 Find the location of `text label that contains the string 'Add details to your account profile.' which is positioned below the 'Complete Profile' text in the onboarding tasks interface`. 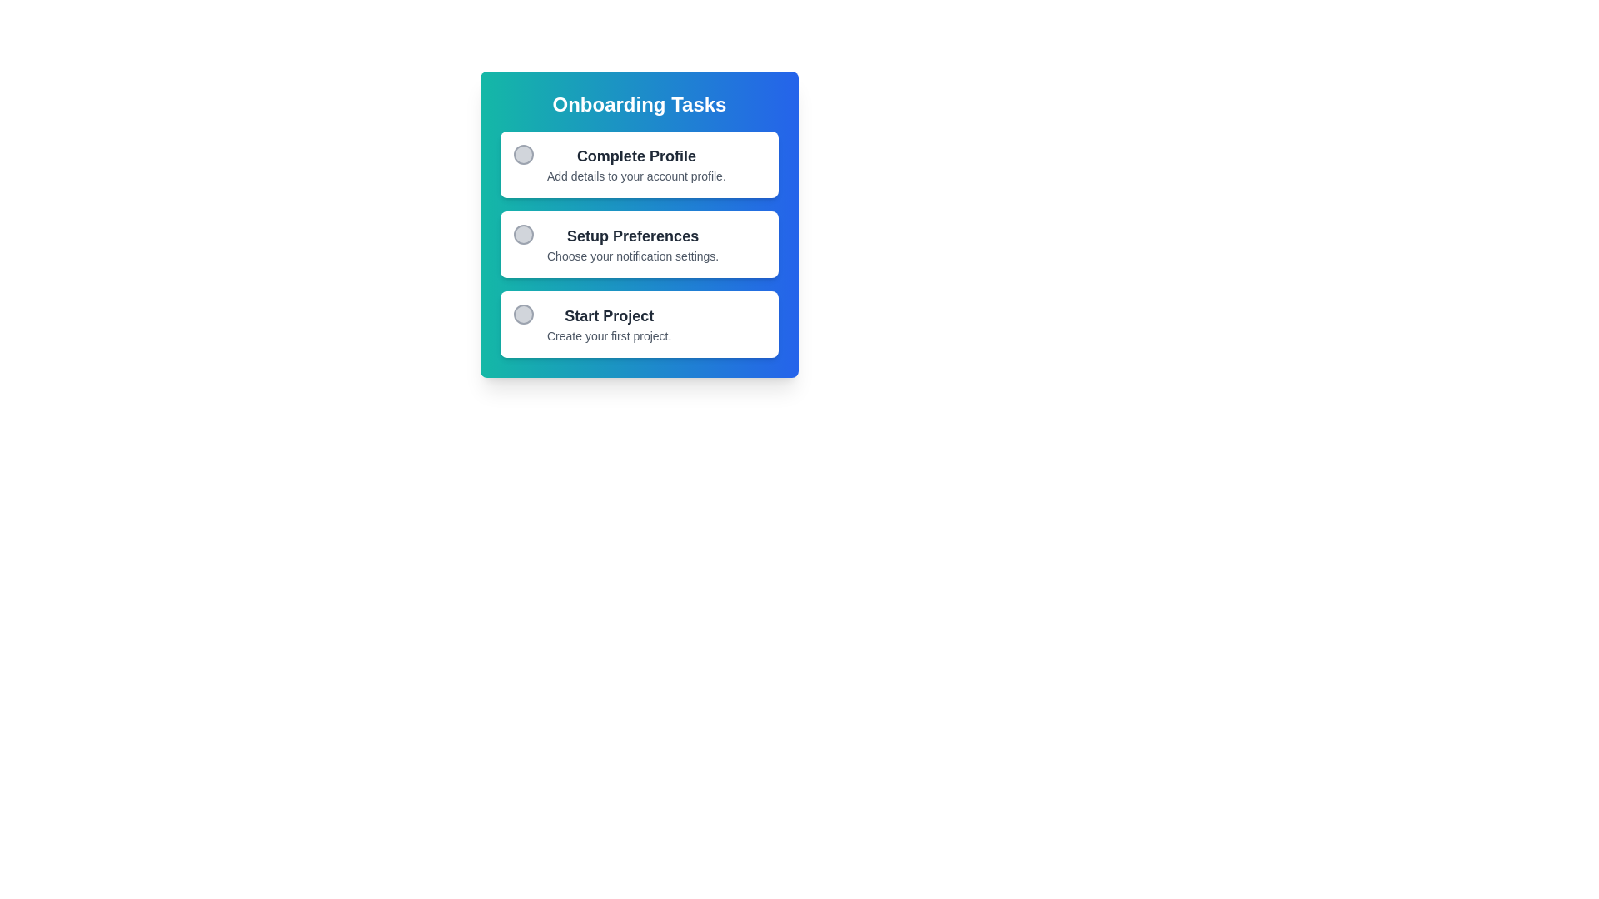

text label that contains the string 'Add details to your account profile.' which is positioned below the 'Complete Profile' text in the onboarding tasks interface is located at coordinates (635, 176).